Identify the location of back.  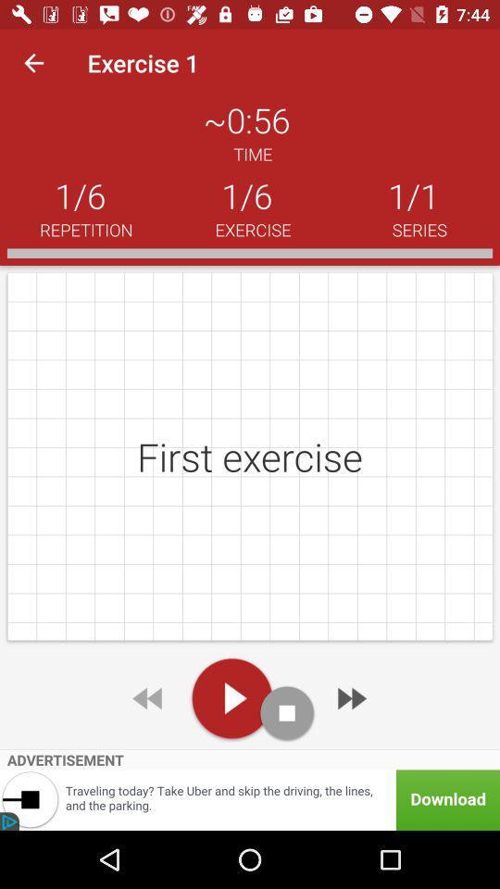
(148, 697).